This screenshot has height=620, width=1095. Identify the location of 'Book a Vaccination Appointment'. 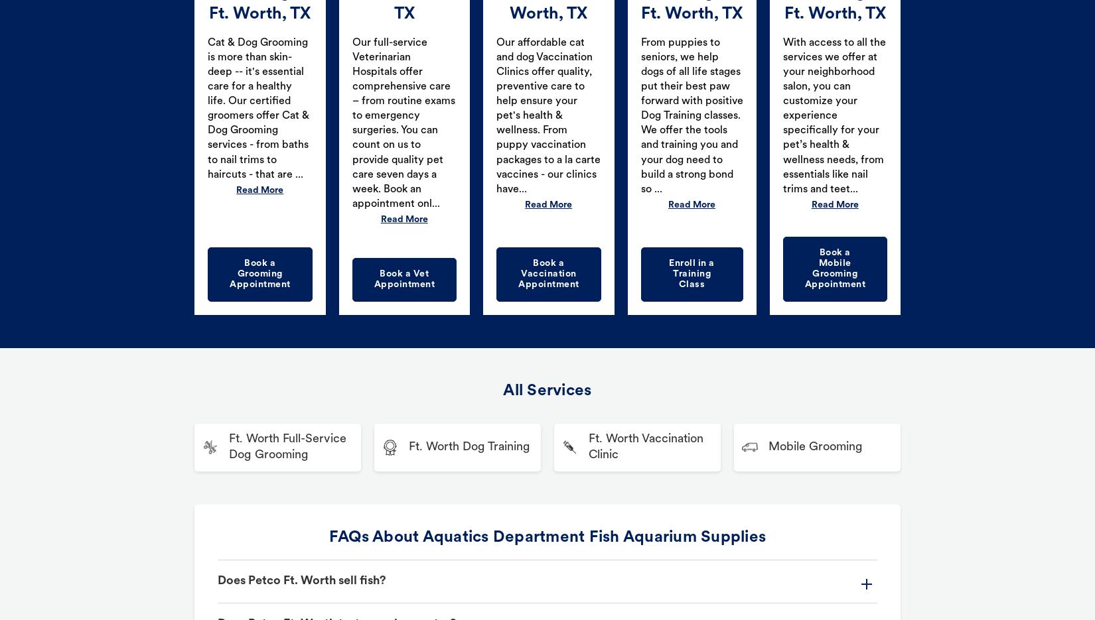
(548, 273).